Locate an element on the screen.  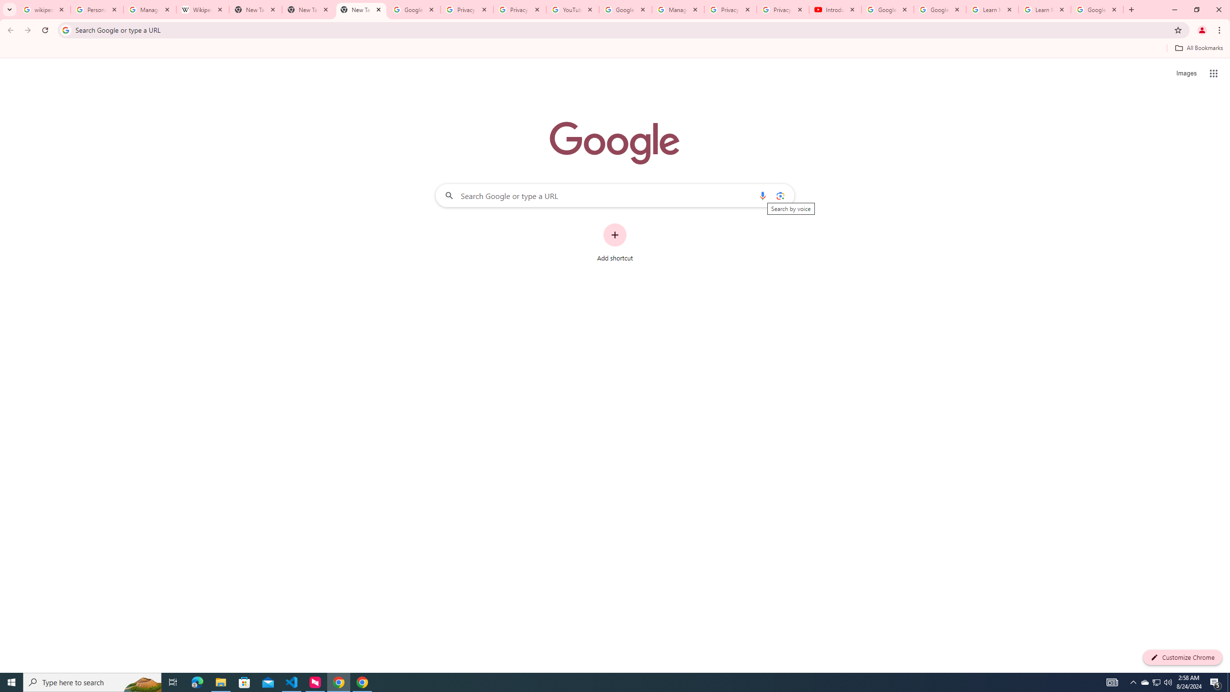
'Manage your Location History - Google Search Help' is located at coordinates (149, 9).